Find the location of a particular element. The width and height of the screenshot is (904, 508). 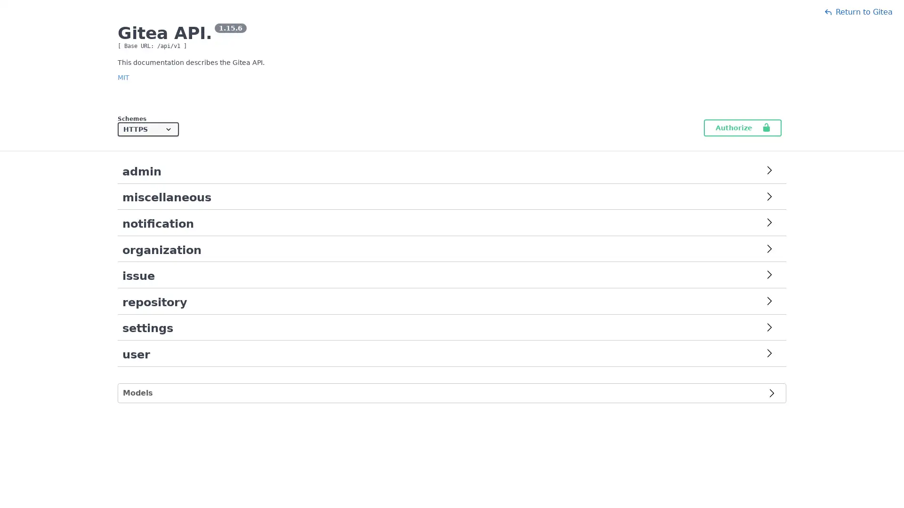

Expand operation is located at coordinates (769, 197).